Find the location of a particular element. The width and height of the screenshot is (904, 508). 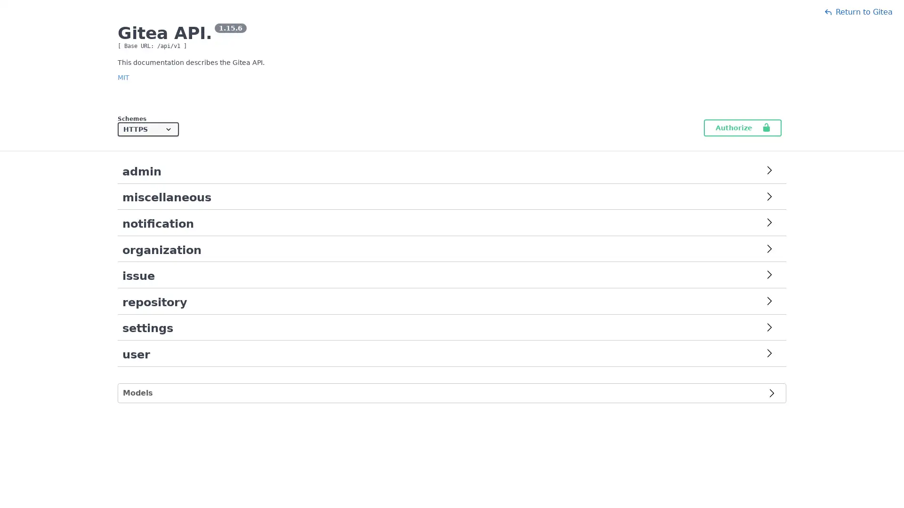

Expand operation is located at coordinates (769, 197).